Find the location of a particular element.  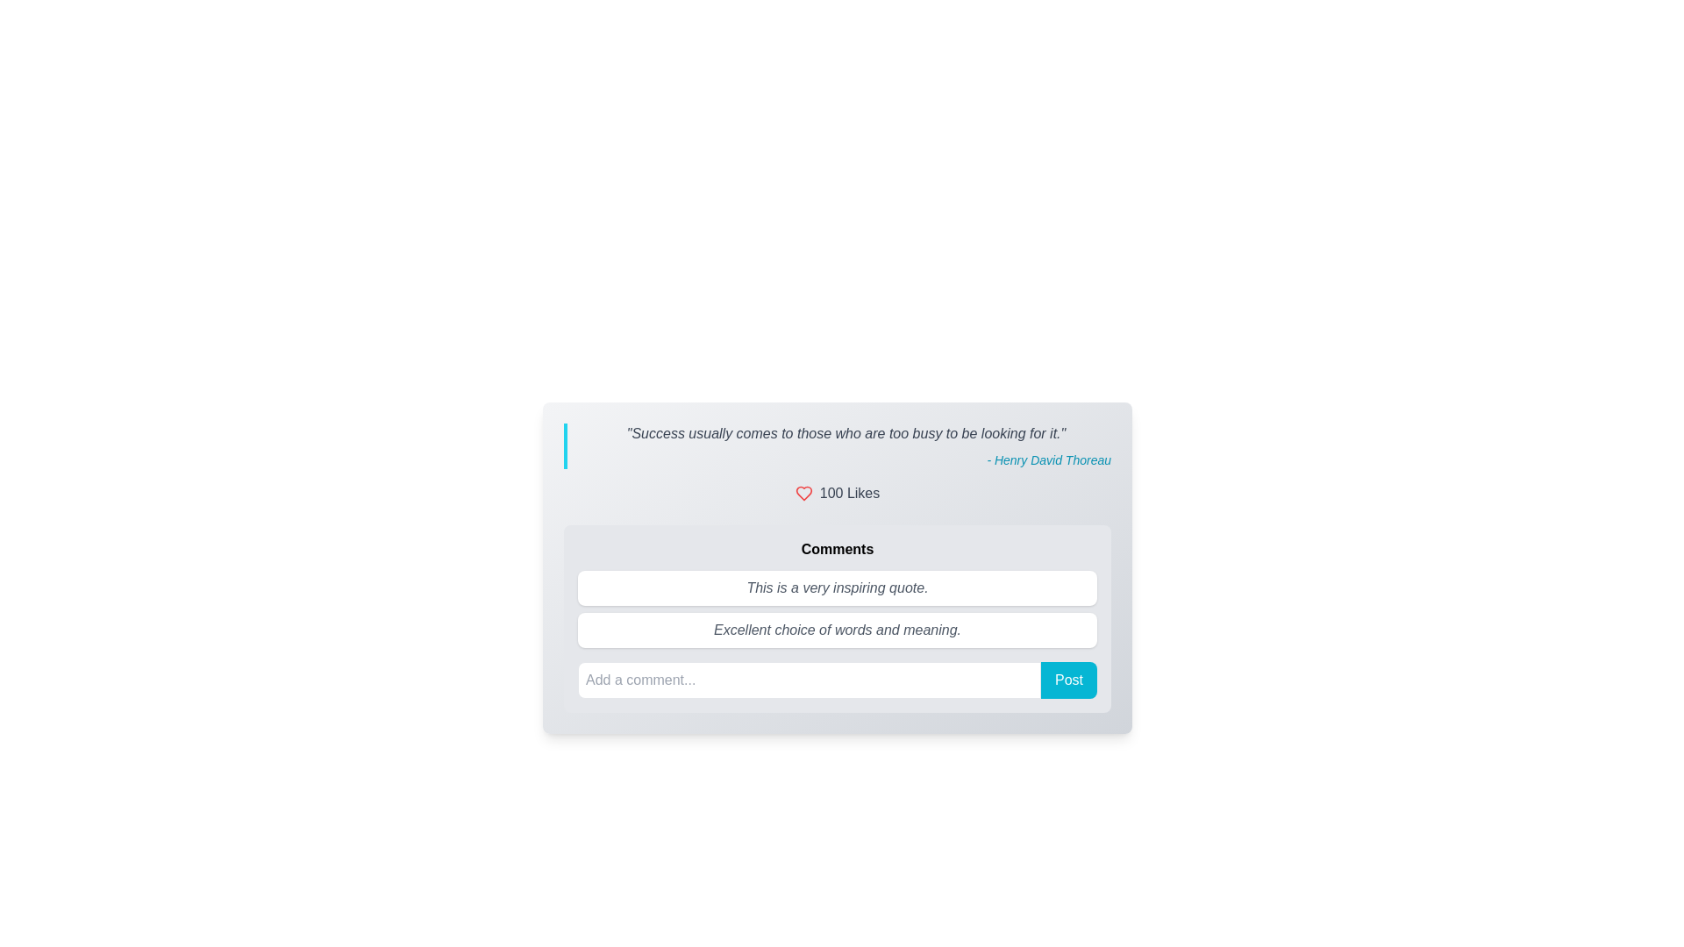

the 'like' icon located leftmost in the horizontal grouping above the text '100 Likes' to register a like is located at coordinates (803, 494).